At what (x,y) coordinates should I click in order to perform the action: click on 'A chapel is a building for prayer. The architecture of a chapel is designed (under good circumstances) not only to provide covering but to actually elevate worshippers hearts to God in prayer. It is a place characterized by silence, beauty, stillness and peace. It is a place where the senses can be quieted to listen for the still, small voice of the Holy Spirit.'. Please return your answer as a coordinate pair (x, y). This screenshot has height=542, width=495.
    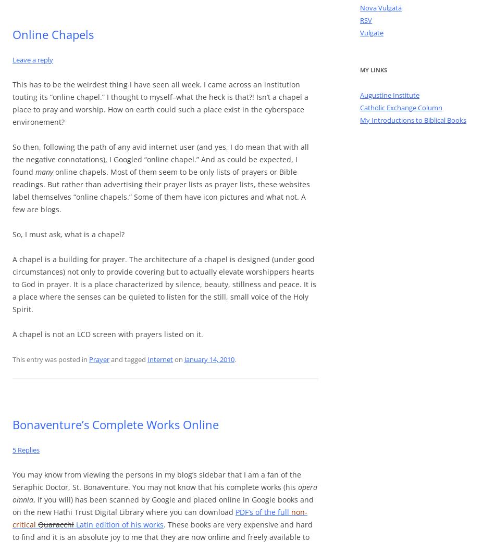
    Looking at the image, I should click on (164, 283).